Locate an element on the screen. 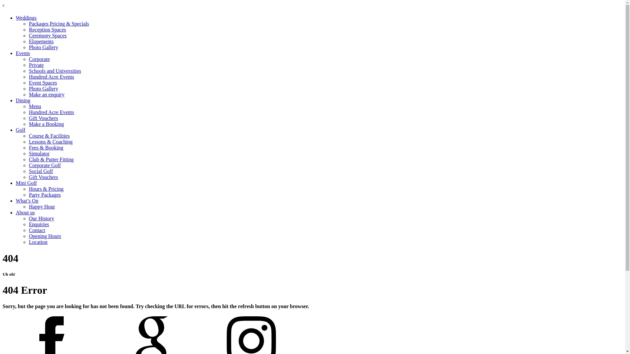 Image resolution: width=630 pixels, height=354 pixels. 'Make an enquiry' is located at coordinates (46, 94).